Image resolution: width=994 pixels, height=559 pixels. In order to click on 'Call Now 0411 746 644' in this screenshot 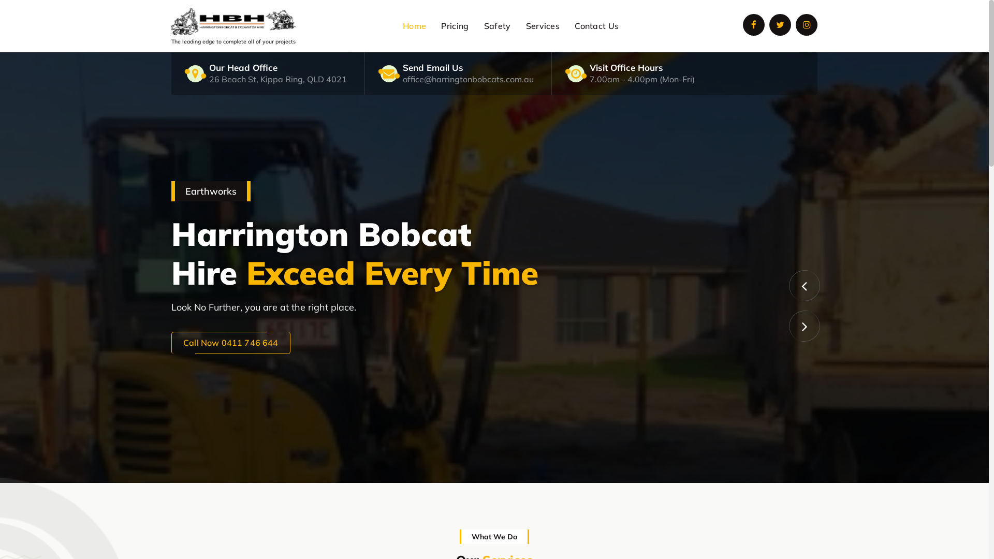, I will do `click(230, 343)`.